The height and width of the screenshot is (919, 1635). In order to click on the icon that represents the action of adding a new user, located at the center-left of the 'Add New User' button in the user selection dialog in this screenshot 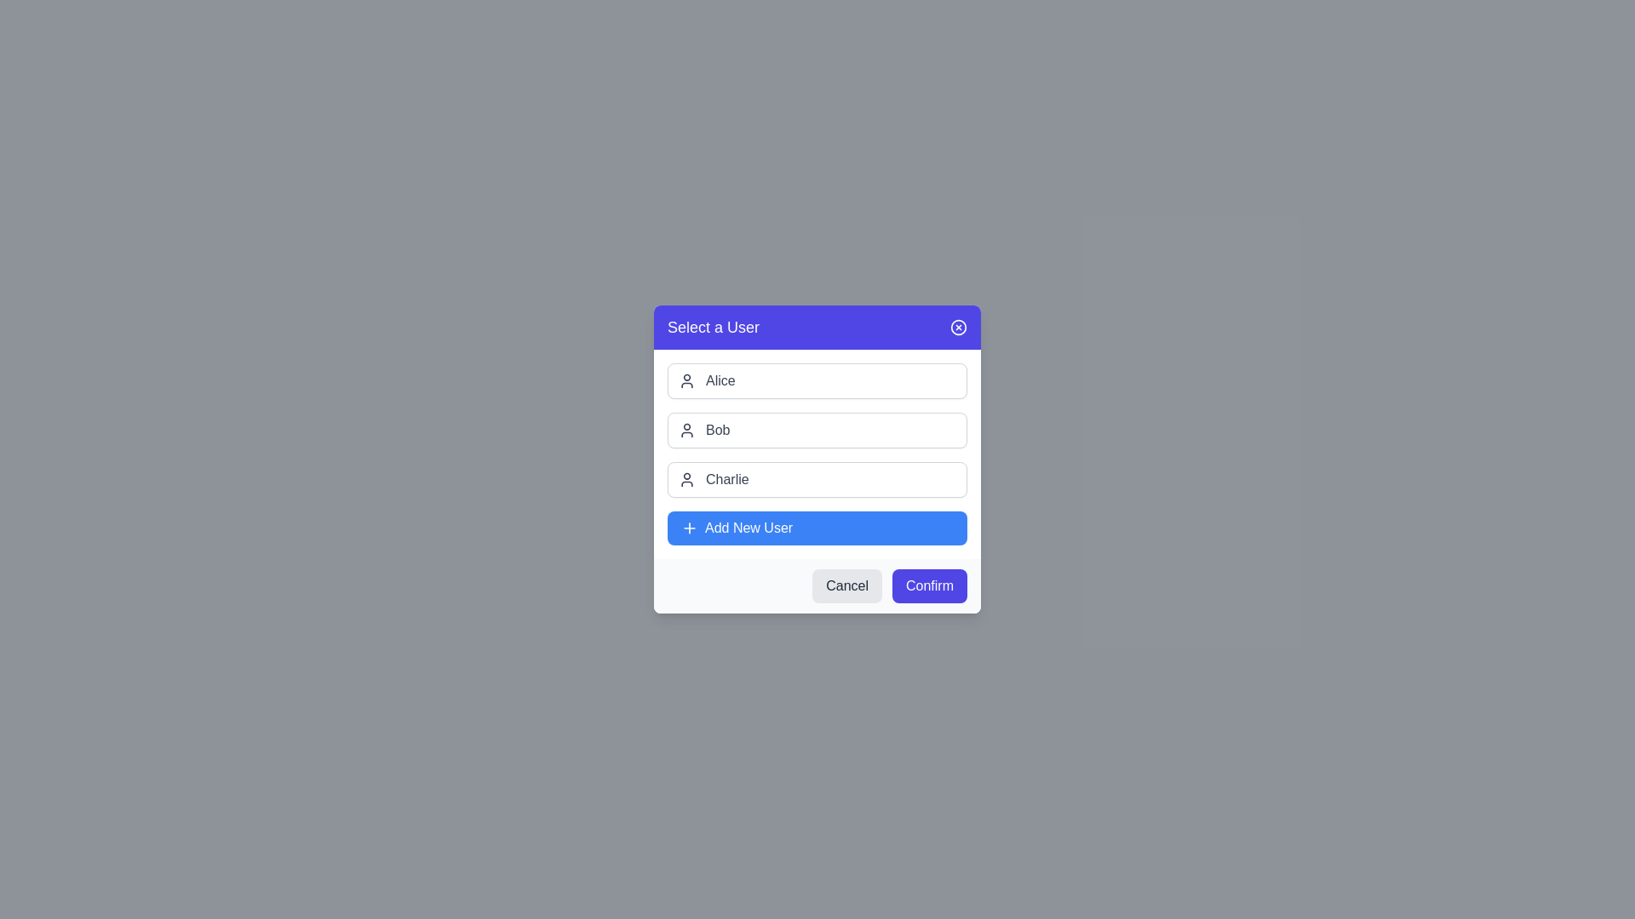, I will do `click(690, 528)`.